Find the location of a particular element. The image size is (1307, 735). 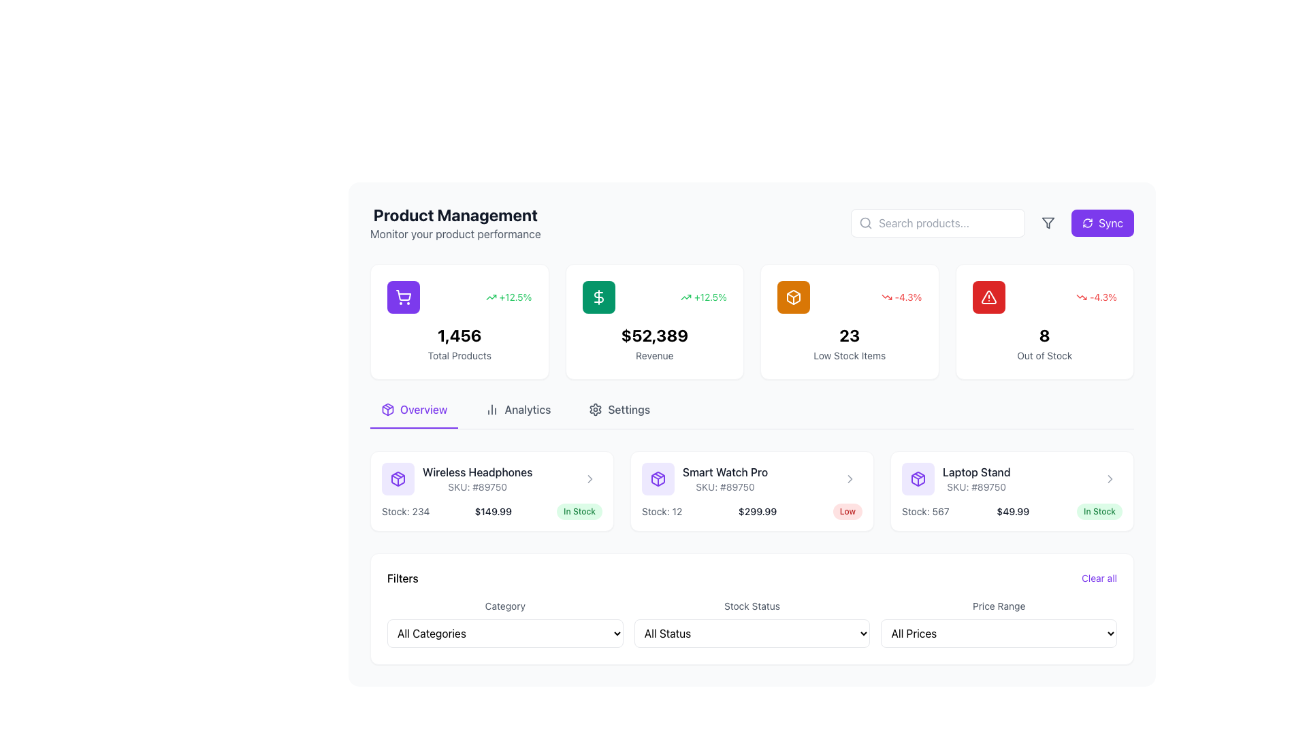

the Text element (multi-line) that displays the product's name and unique SKU identifier, which is the second product in a horizontal list of product cards is located at coordinates (724, 478).